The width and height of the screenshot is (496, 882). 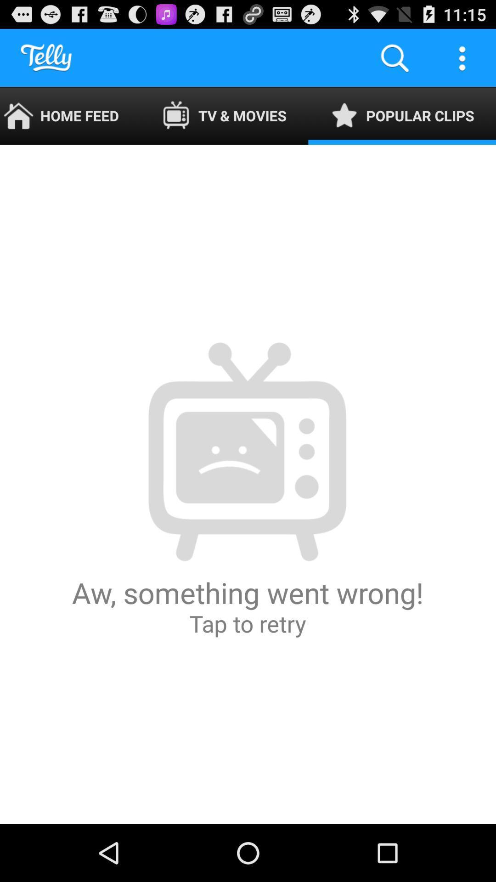 I want to click on the popular clips app, so click(x=401, y=115).